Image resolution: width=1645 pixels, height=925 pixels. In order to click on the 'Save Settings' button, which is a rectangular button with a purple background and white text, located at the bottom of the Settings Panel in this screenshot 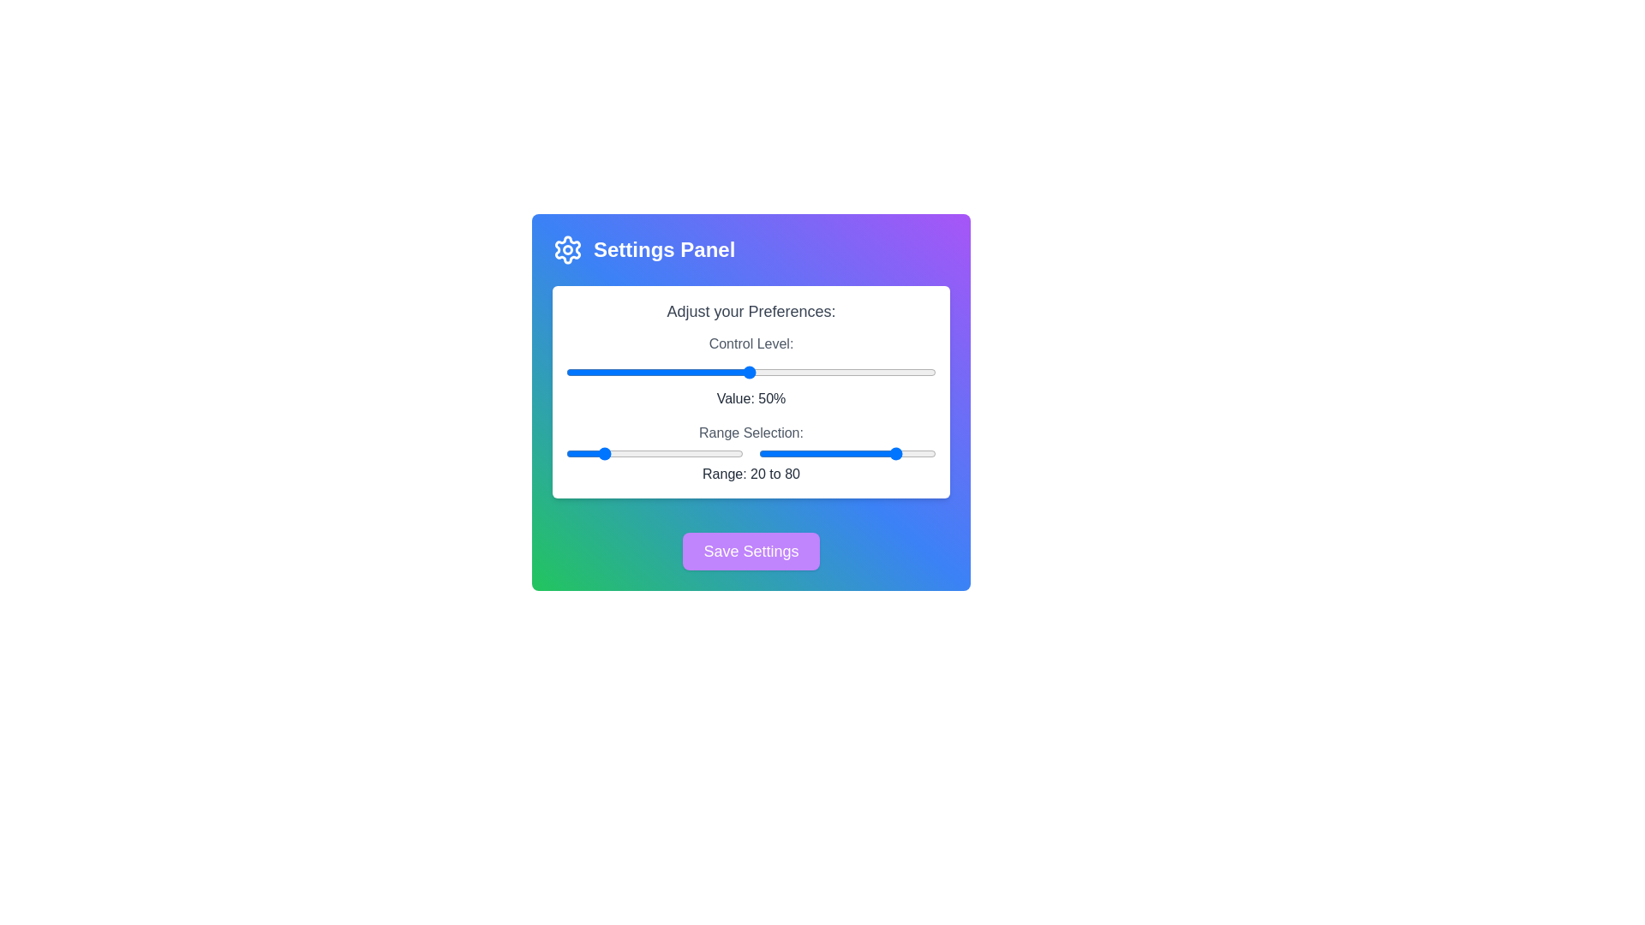, I will do `click(751, 552)`.